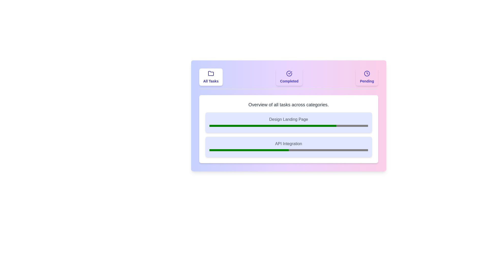  Describe the element at coordinates (288, 122) in the screenshot. I see `task name from the progress bar indicating the task 'Design Landing Page.'` at that location.